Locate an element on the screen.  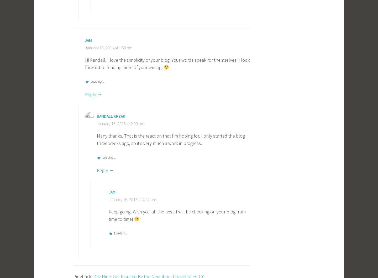
'Many thanks.  That is the reaction that I’m hoping for.  I only started the blog three weeks ago, so it’s very much a work in progress.' is located at coordinates (171, 139).